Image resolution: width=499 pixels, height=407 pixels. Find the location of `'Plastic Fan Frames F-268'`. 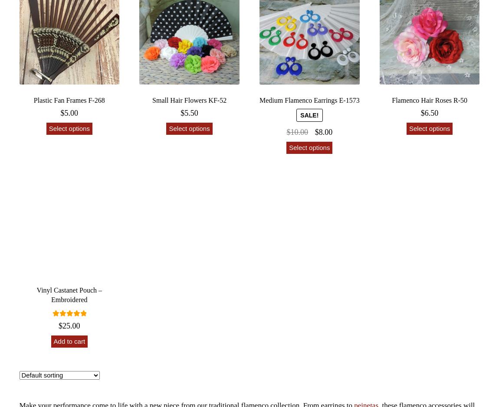

'Plastic Fan Frames F-268' is located at coordinates (69, 100).